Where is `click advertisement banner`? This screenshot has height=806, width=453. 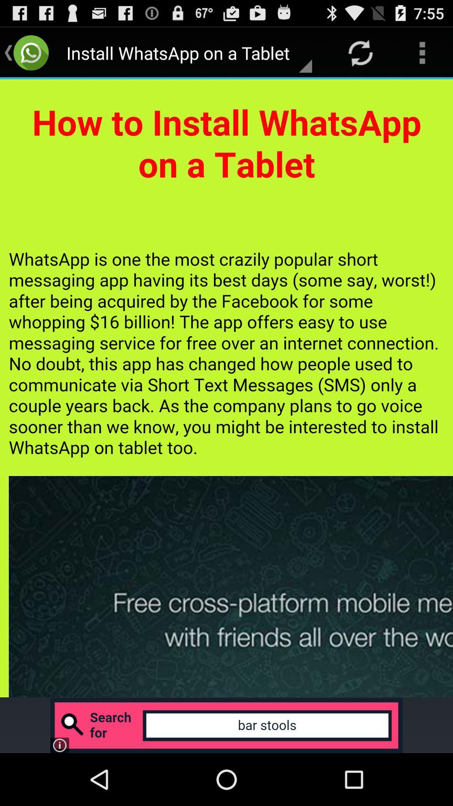 click advertisement banner is located at coordinates (226, 725).